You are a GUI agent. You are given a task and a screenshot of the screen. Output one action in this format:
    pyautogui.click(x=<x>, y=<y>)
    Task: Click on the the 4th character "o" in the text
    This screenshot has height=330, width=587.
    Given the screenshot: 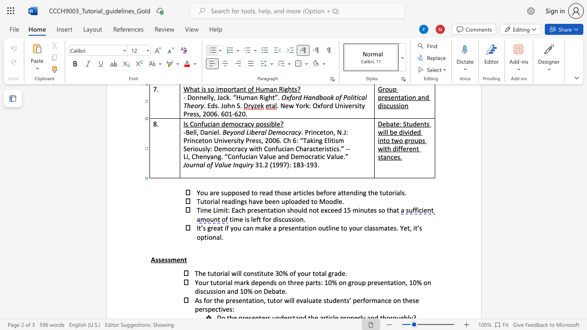 What is the action you would take?
    pyautogui.click(x=345, y=227)
    